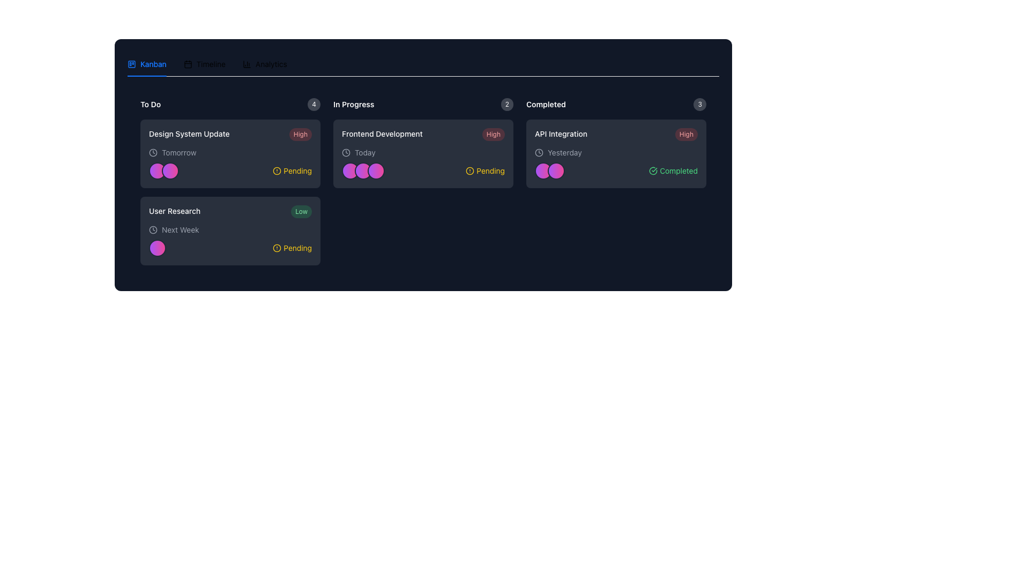 The width and height of the screenshot is (1029, 579). Describe the element at coordinates (156, 248) in the screenshot. I see `the decorative graphical element, which is a small circular gradient transitioning from purple to pink with a gray border, located in the bottom-left corner of the 'User Research' card within the 'To Do' section` at that location.